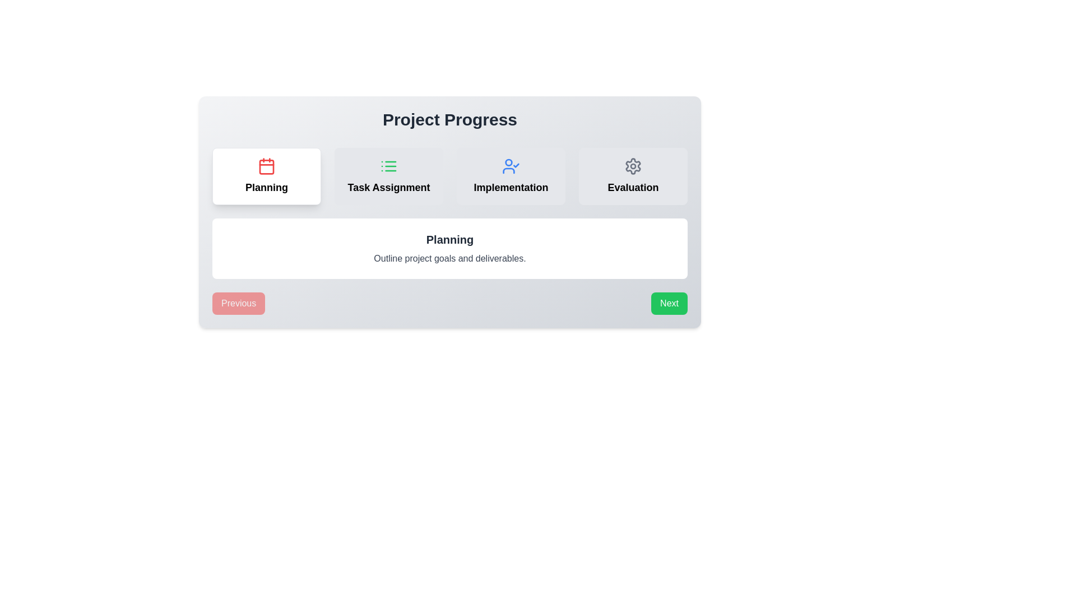  What do you see at coordinates (633, 166) in the screenshot?
I see `the gear-like icon associated with settings, located at the end of a row under the 'Evaluation' label` at bounding box center [633, 166].